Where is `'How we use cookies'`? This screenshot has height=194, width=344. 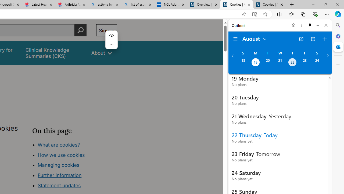 'How we use cookies' is located at coordinates (61, 155).